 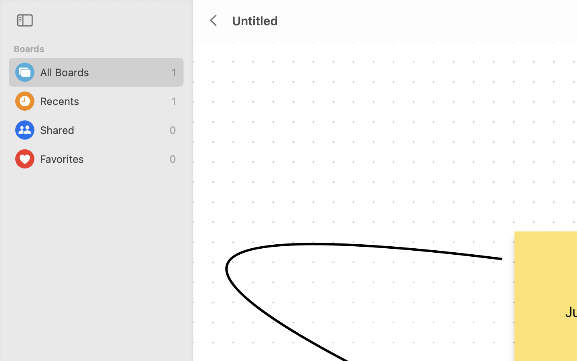 What do you see at coordinates (102, 130) in the screenshot?
I see `'Shared'` at bounding box center [102, 130].